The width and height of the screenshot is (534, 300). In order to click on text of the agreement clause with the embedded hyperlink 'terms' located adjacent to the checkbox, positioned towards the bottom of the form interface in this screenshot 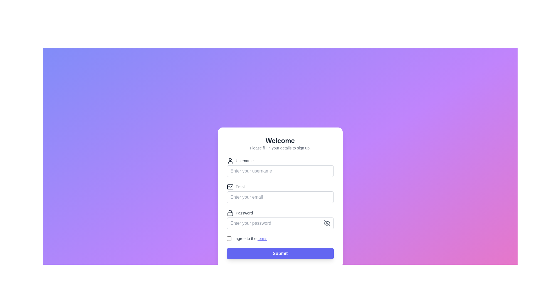, I will do `click(250, 238)`.